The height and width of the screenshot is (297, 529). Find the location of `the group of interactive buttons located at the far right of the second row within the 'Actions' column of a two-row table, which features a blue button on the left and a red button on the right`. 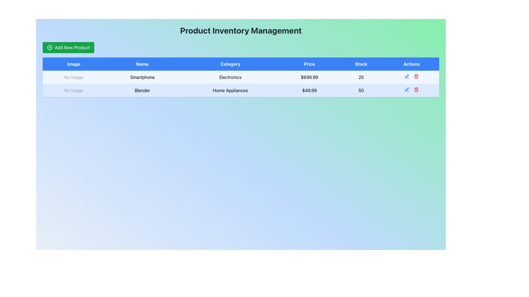

the group of interactive buttons located at the far right of the second row within the 'Actions' column of a two-row table, which features a blue button on the left and a red button on the right is located at coordinates (411, 89).